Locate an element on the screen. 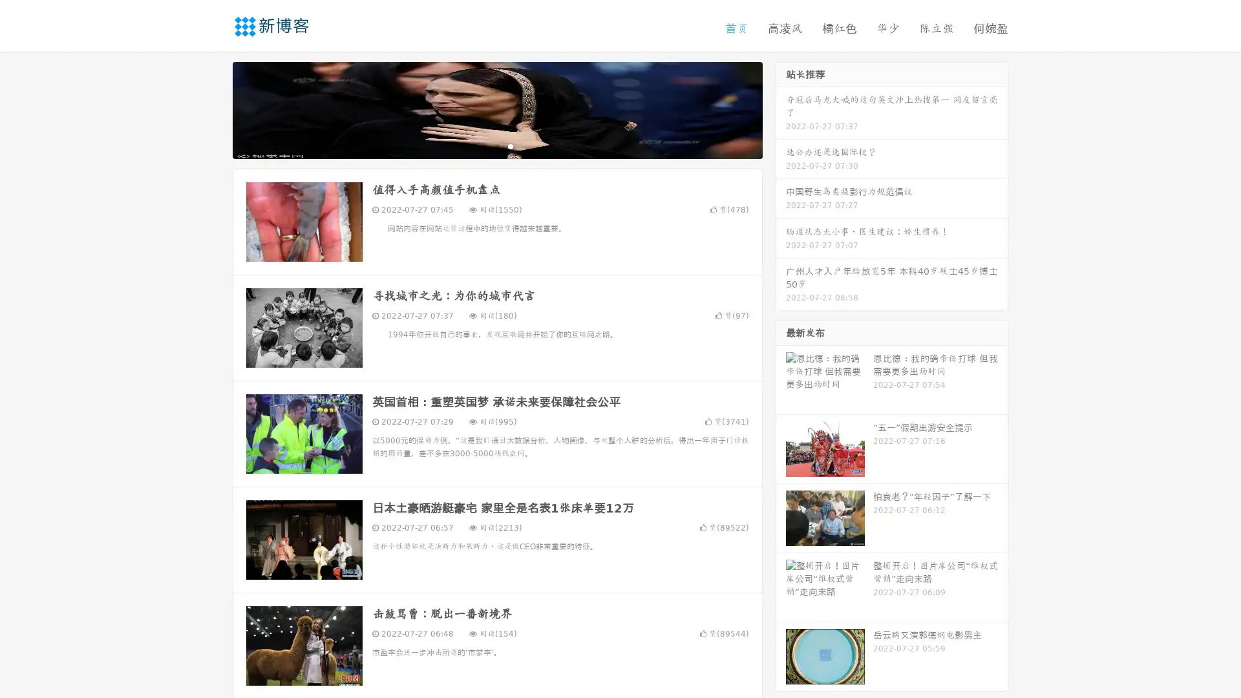 The width and height of the screenshot is (1241, 698). Go to slide 1 is located at coordinates (483, 145).